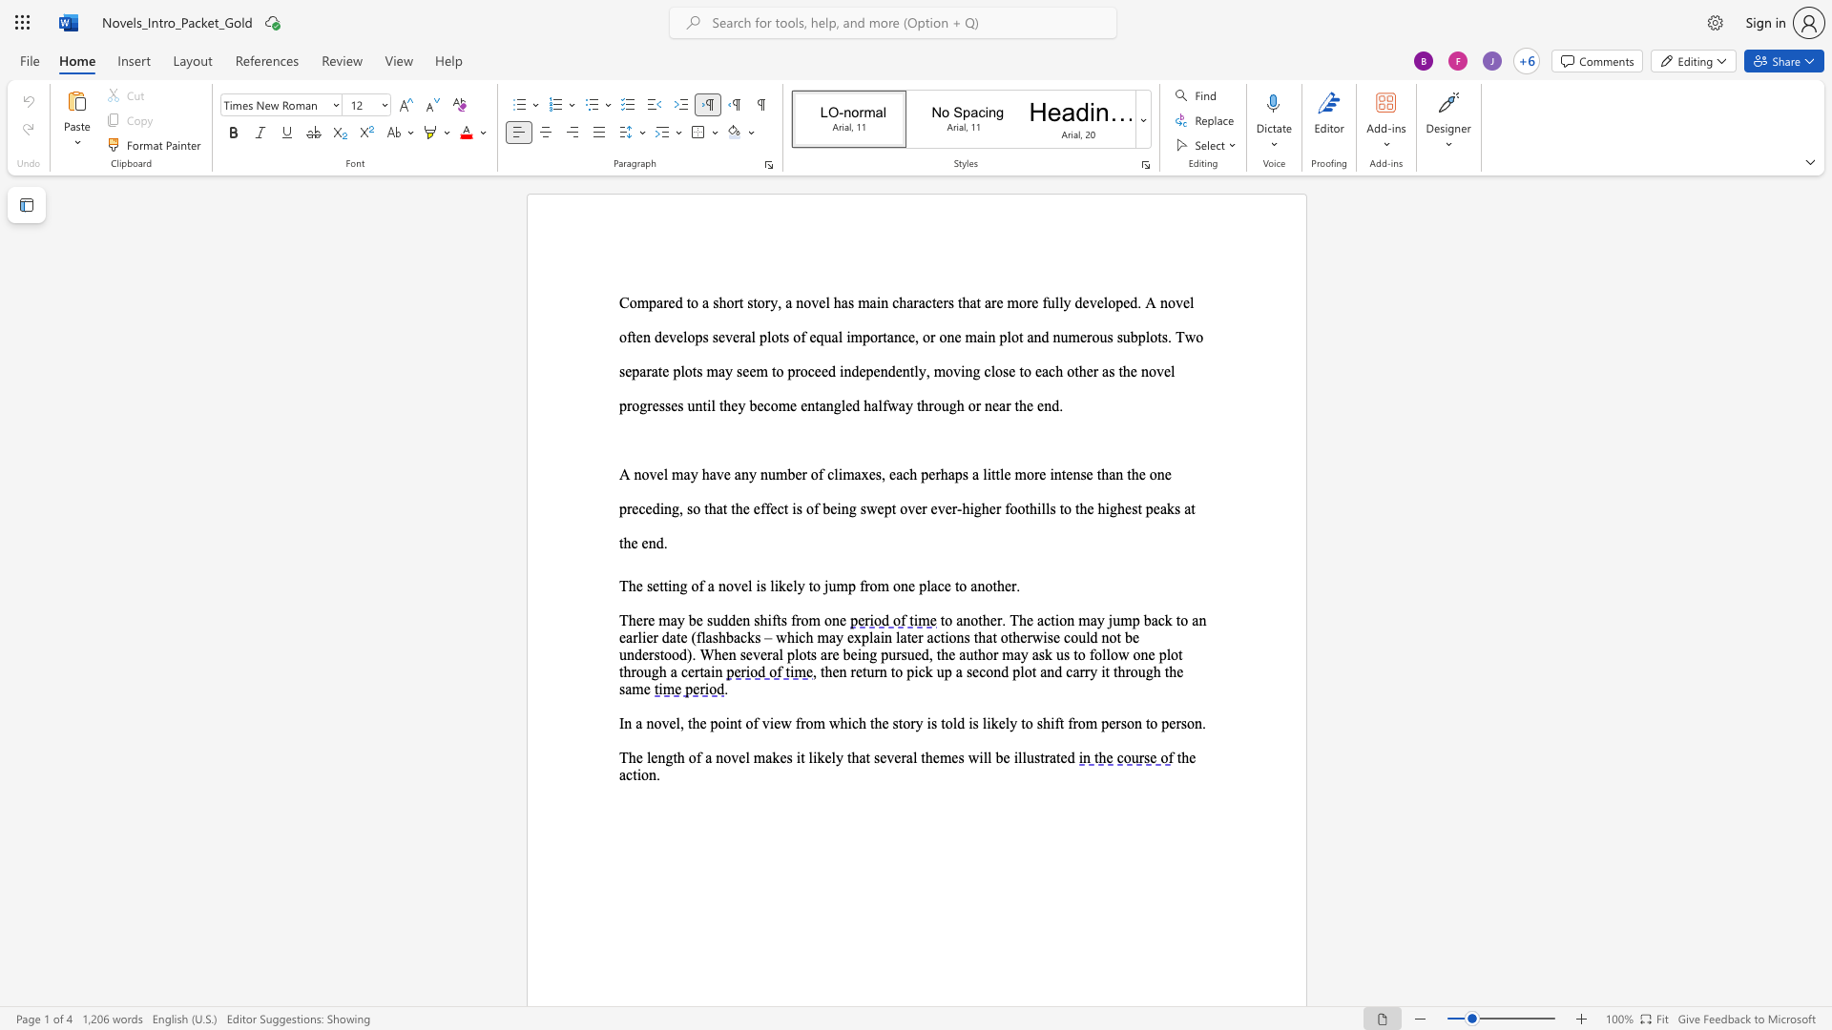 The image size is (1832, 1030). I want to click on the space between the continuous character "v" and "e" in the text, so click(739, 585).